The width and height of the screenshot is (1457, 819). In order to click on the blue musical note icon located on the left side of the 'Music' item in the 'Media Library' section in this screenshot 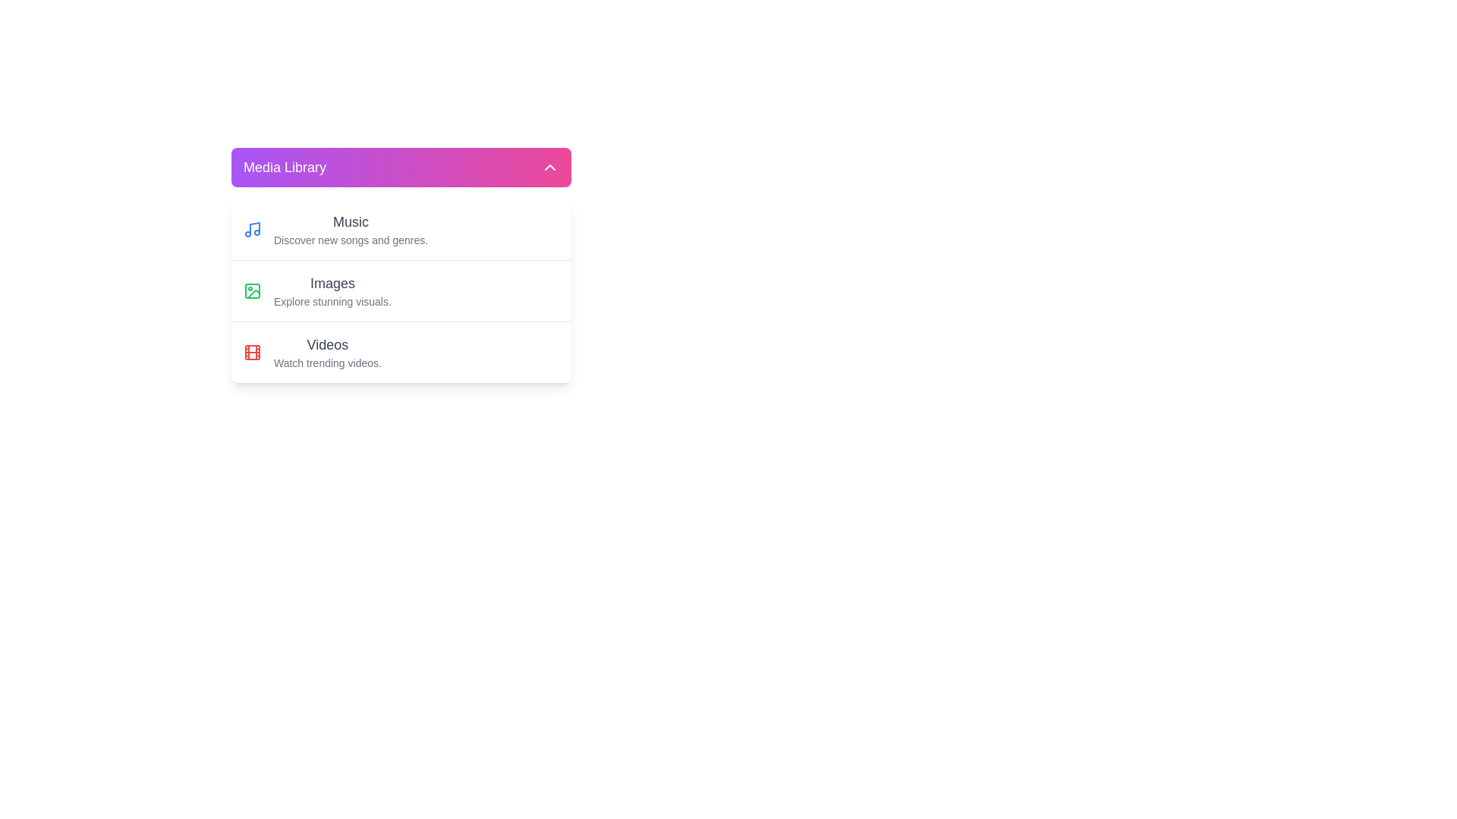, I will do `click(252, 230)`.